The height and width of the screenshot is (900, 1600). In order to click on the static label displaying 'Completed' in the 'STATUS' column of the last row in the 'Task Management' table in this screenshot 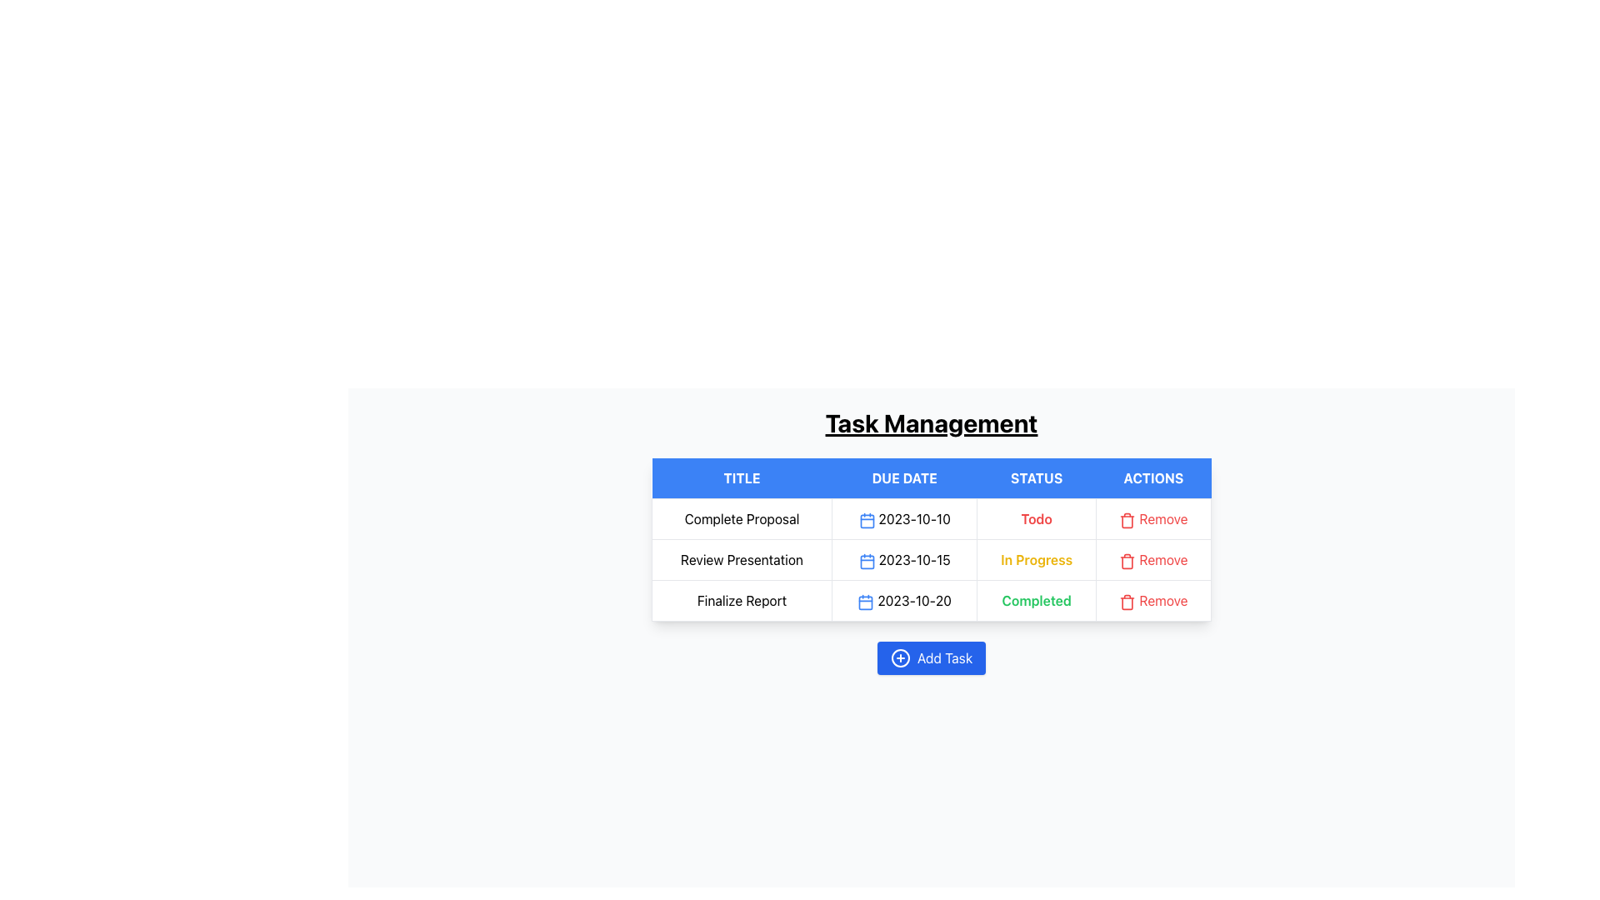, I will do `click(1036, 601)`.